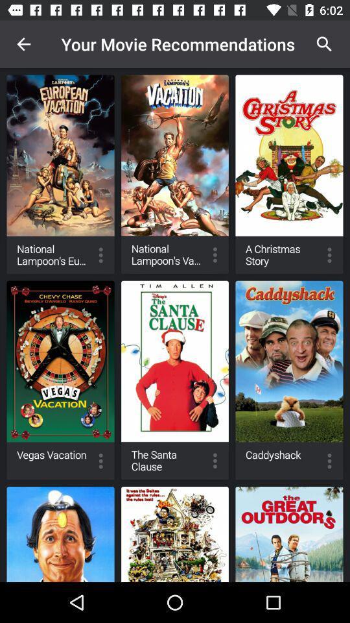 This screenshot has width=350, height=623. What do you see at coordinates (323, 44) in the screenshot?
I see `icon to the right of the your movie recommendations icon` at bounding box center [323, 44].